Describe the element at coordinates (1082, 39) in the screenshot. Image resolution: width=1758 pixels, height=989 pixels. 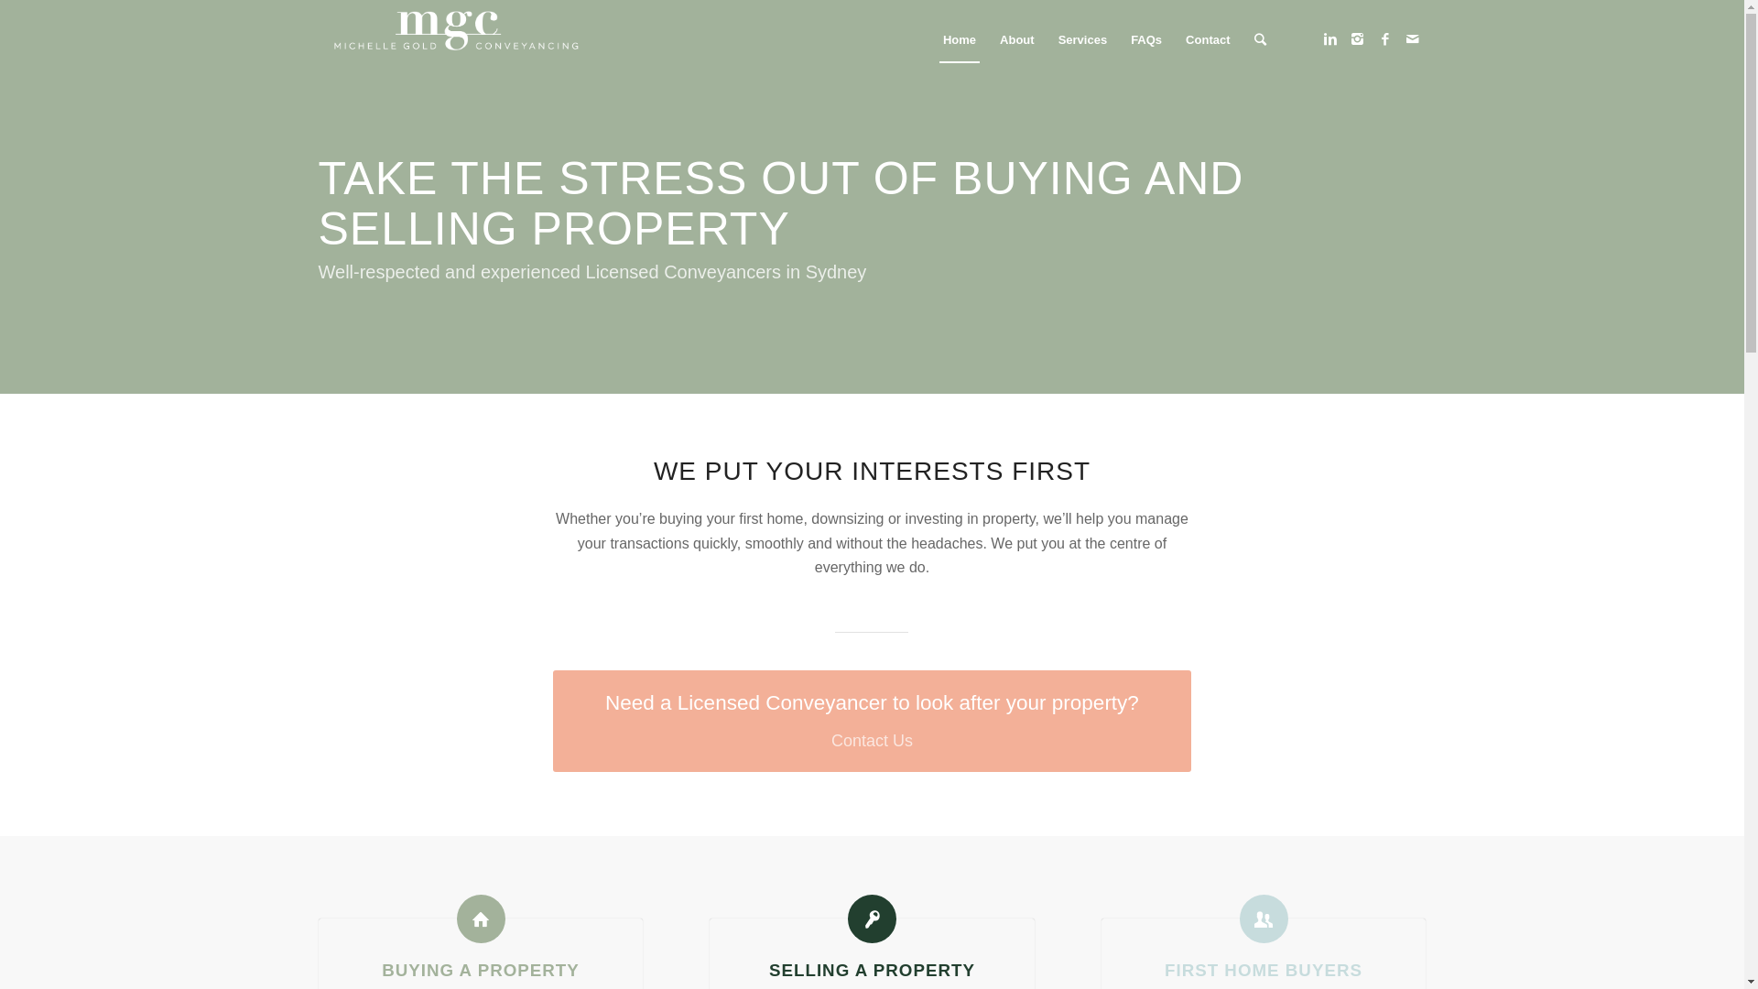
I see `'Services'` at that location.